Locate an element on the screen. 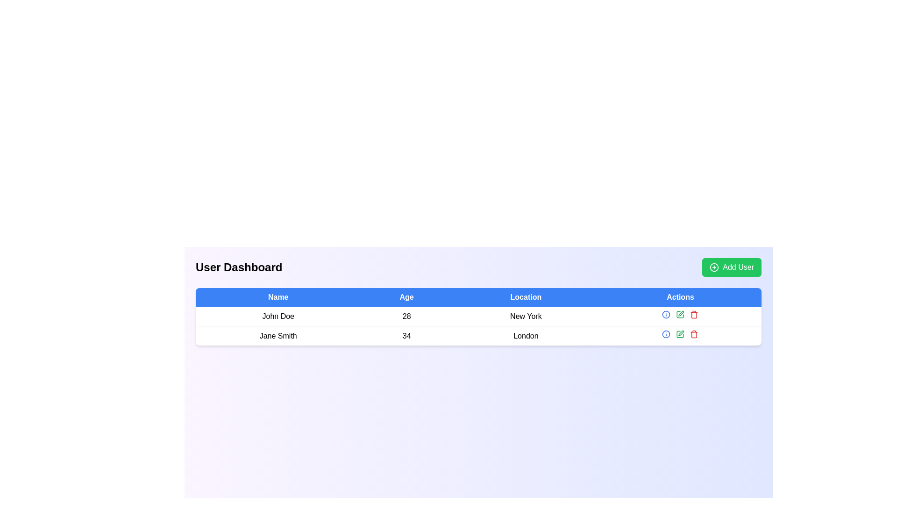 This screenshot has width=897, height=505. the edit button in the Action button group for user 'John Doe' located in the last column of the first row of the table is located at coordinates (680, 316).